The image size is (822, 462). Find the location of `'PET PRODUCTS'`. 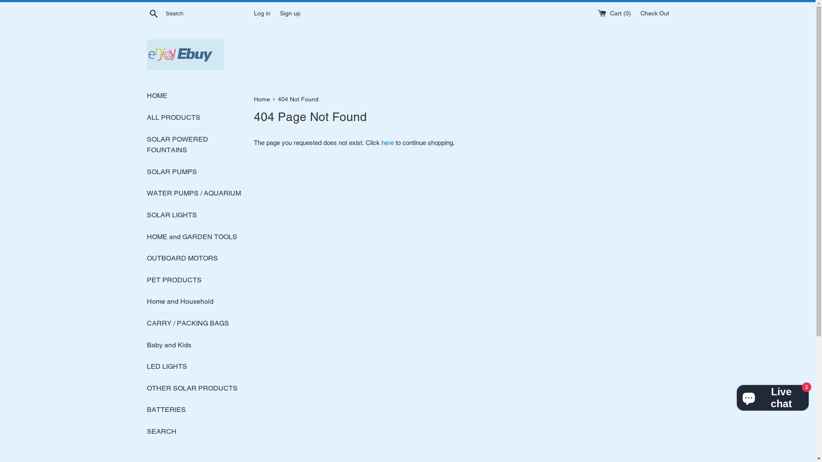

'PET PRODUCTS' is located at coordinates (193, 280).